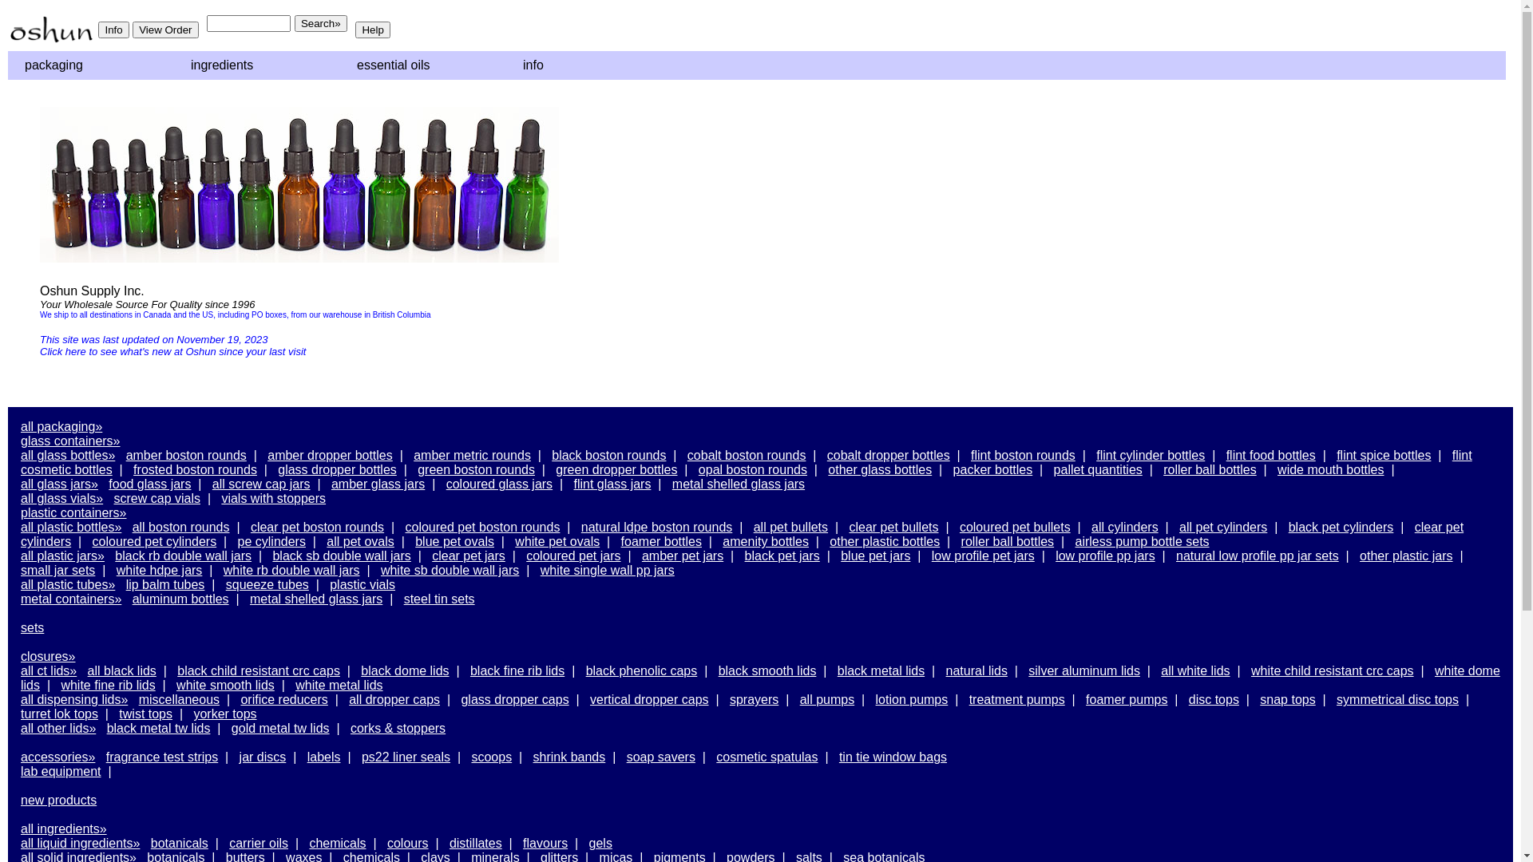 The width and height of the screenshot is (1533, 862). What do you see at coordinates (790, 527) in the screenshot?
I see `'all pet bullets'` at bounding box center [790, 527].